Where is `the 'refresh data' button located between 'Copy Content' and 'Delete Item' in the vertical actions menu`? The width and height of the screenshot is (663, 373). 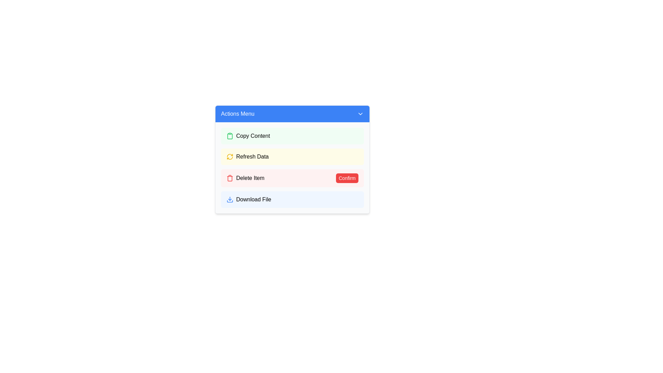
the 'refresh data' button located between 'Copy Content' and 'Delete Item' in the vertical actions menu is located at coordinates (252, 157).